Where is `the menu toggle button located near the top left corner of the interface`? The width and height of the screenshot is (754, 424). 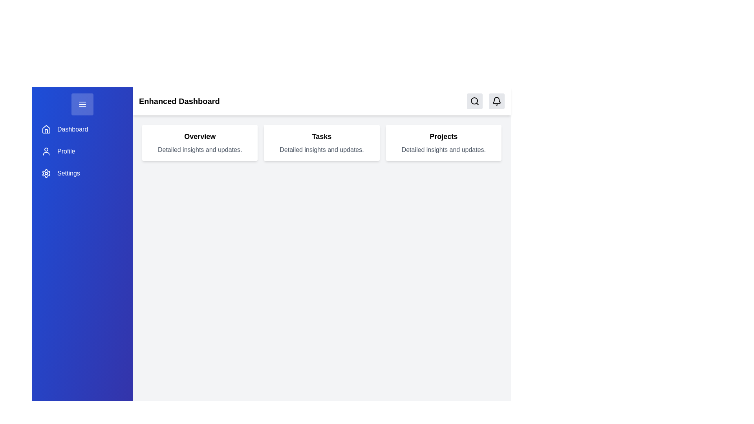
the menu toggle button located near the top left corner of the interface is located at coordinates (82, 104).